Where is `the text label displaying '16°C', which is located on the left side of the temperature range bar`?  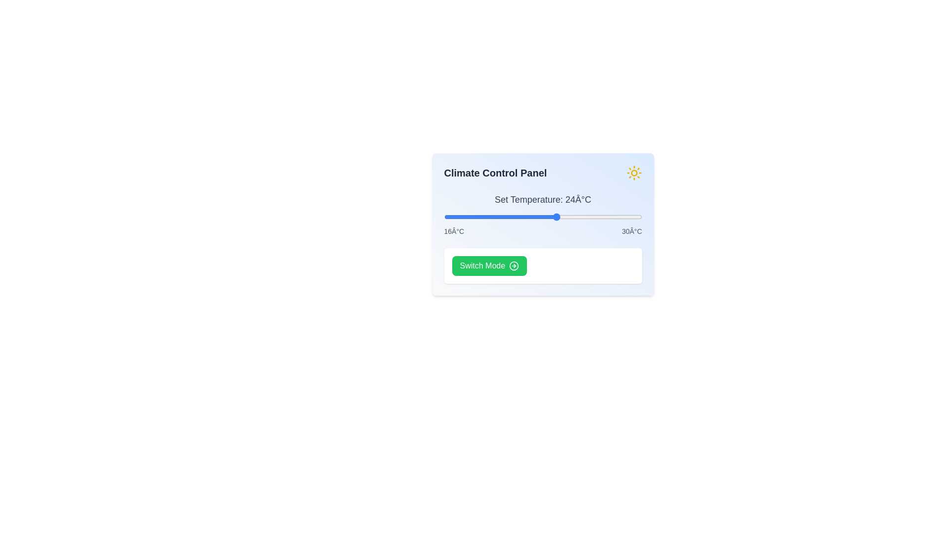 the text label displaying '16°C', which is located on the left side of the temperature range bar is located at coordinates (453, 231).